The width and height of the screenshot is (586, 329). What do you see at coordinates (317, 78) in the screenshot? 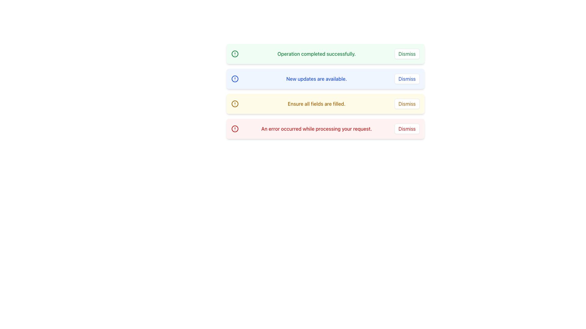
I see `the text label that reads 'New updates are available.' in the second notification bar, which has a blue background and is located next to an alert icon and a dismiss button` at bounding box center [317, 78].